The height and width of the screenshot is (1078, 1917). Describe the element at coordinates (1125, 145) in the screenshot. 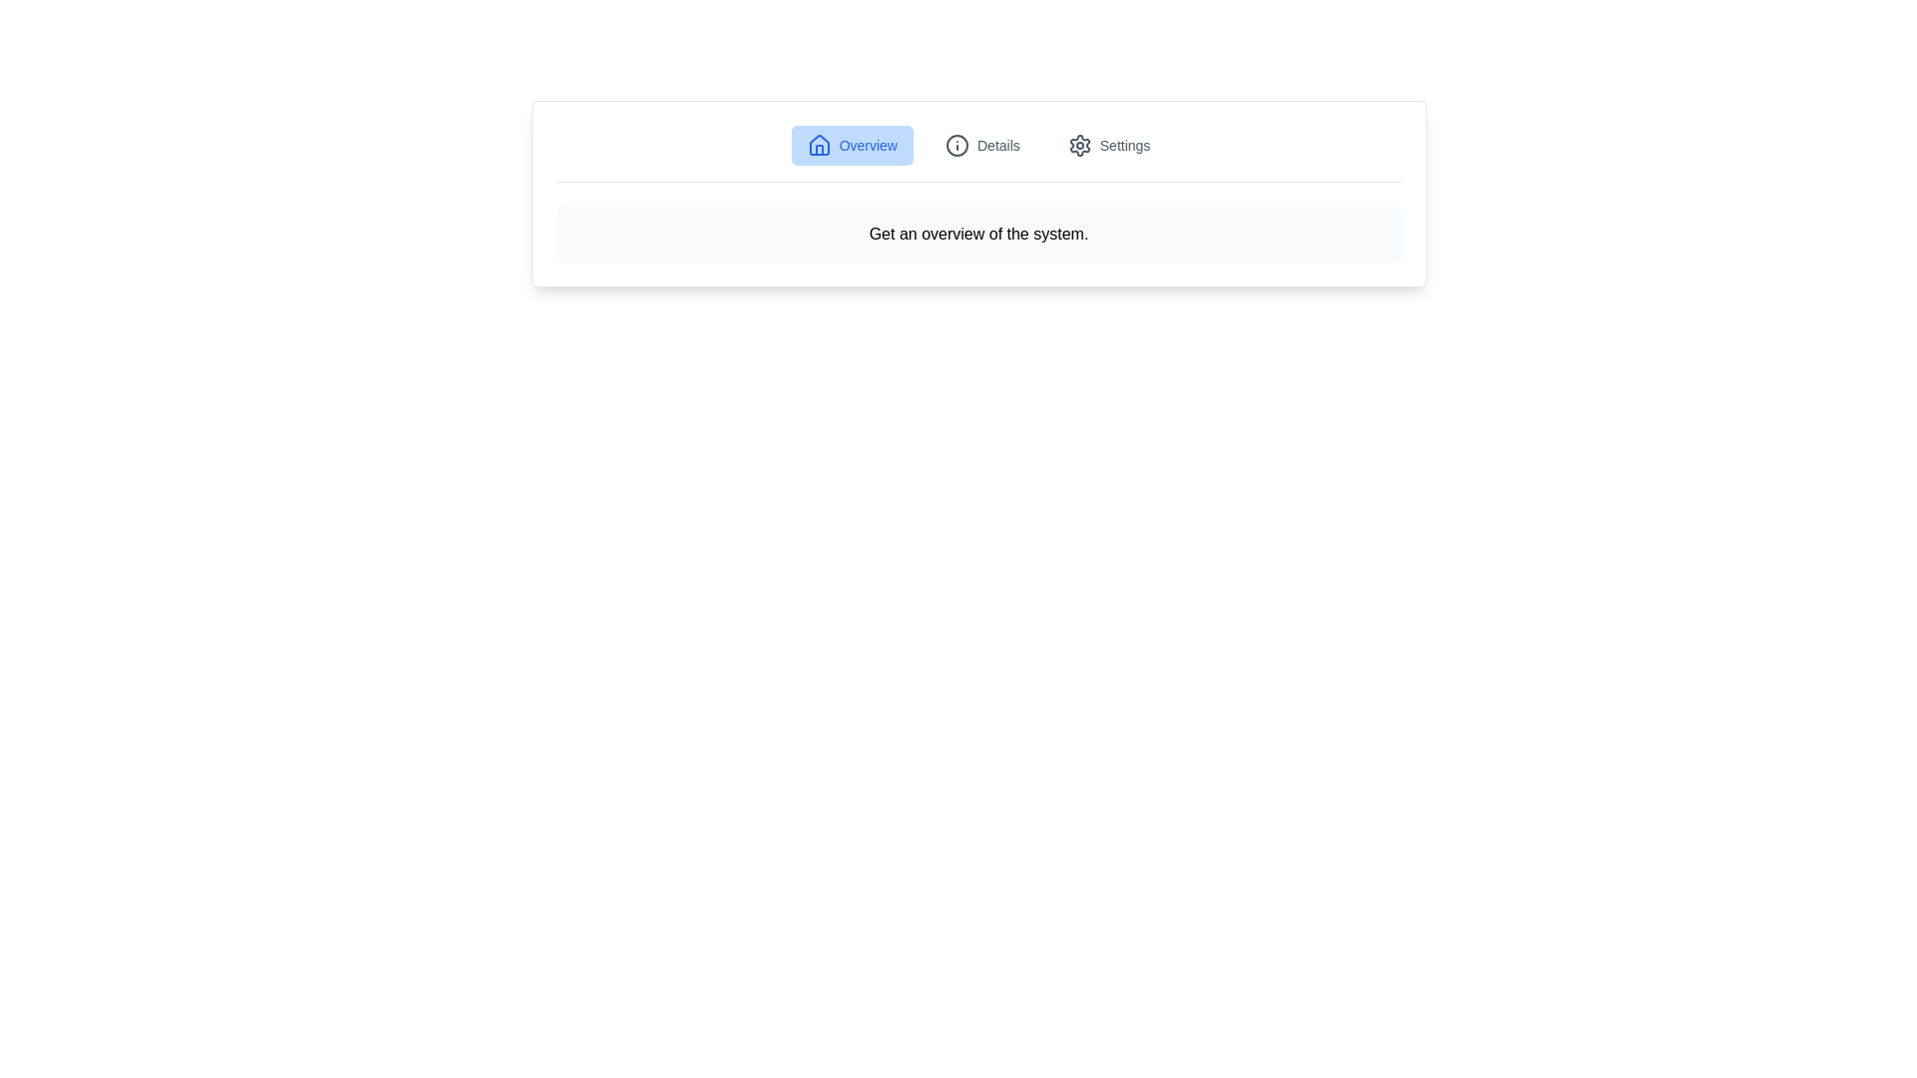

I see `the 'Settings' text label in the header area, which is part of the navigation group and is styled with a standard font in dark color` at that location.